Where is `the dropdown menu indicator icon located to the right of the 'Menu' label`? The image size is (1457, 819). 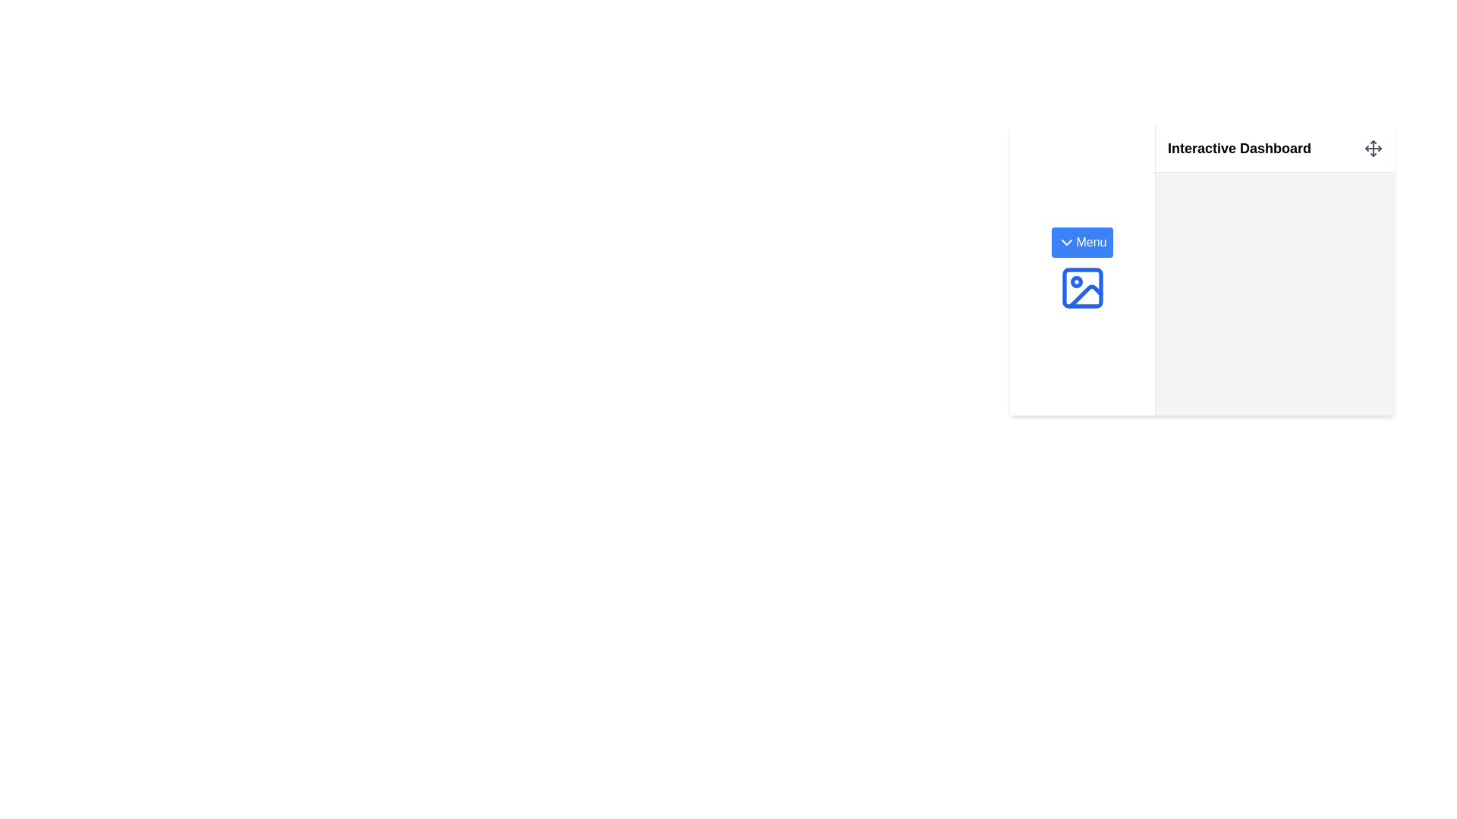
the dropdown menu indicator icon located to the right of the 'Menu' label is located at coordinates (1066, 242).